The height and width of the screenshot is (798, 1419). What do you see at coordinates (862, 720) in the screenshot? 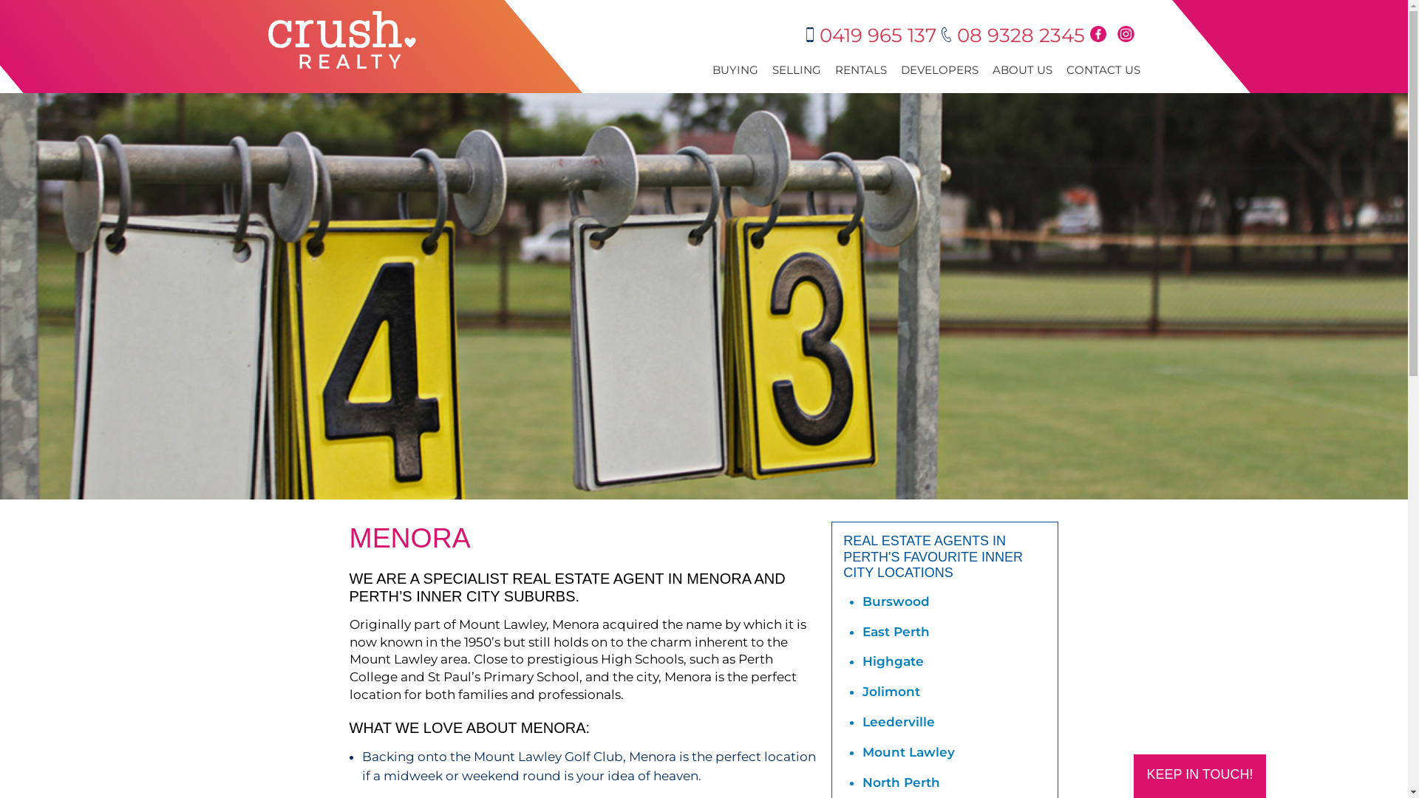
I see `'Leederville'` at bounding box center [862, 720].